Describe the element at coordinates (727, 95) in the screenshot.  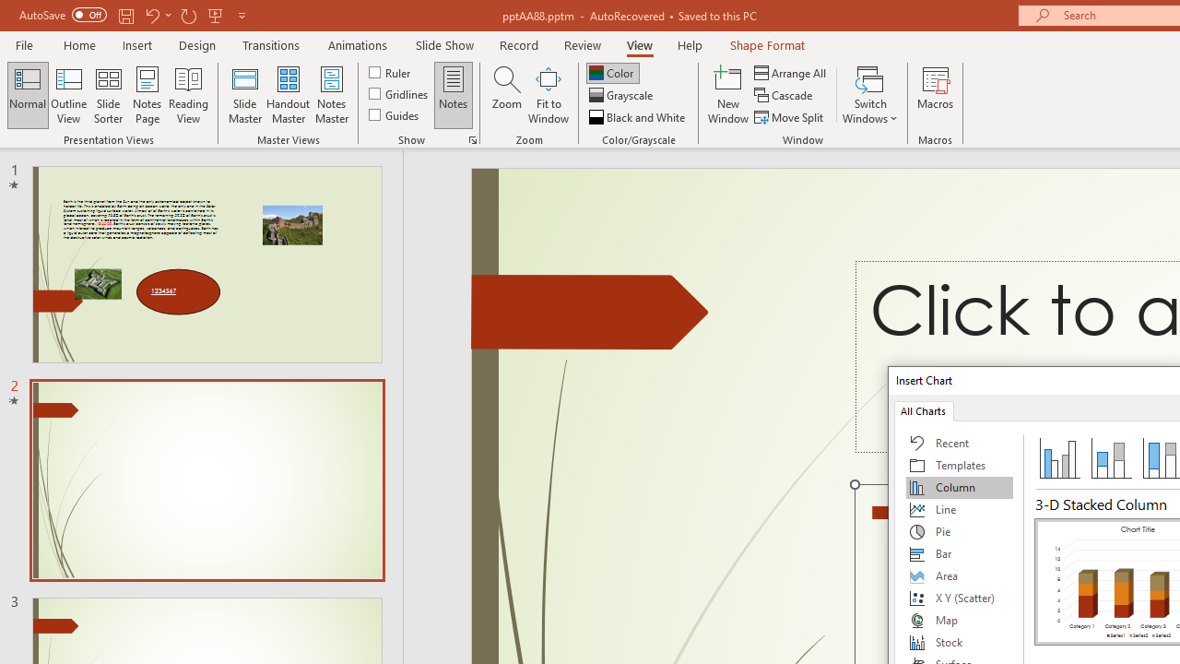
I see `'New Window'` at that location.